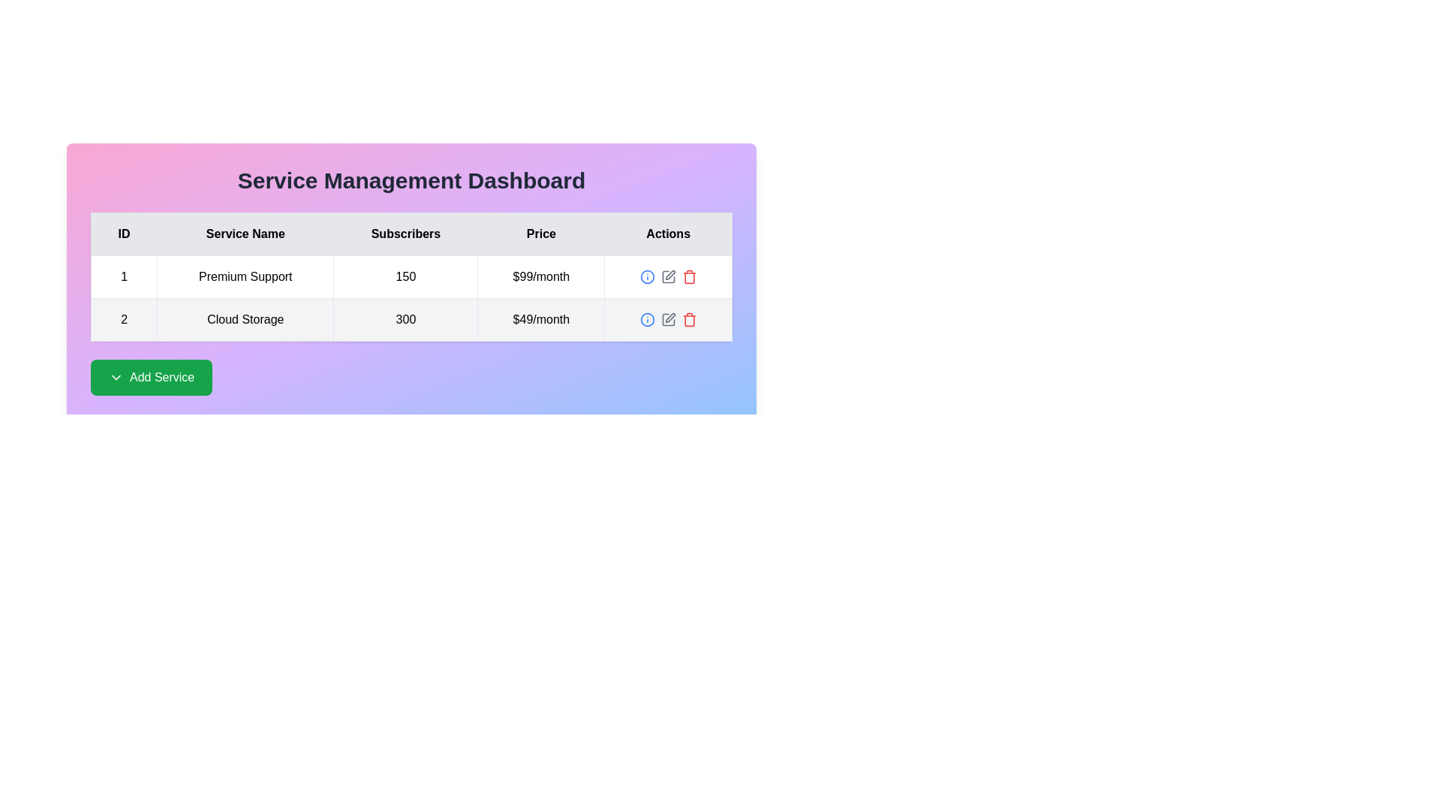  I want to click on the 'Service Name' column header in the table, which is located as the second column header between 'ID' and 'Subscribers', so click(245, 234).